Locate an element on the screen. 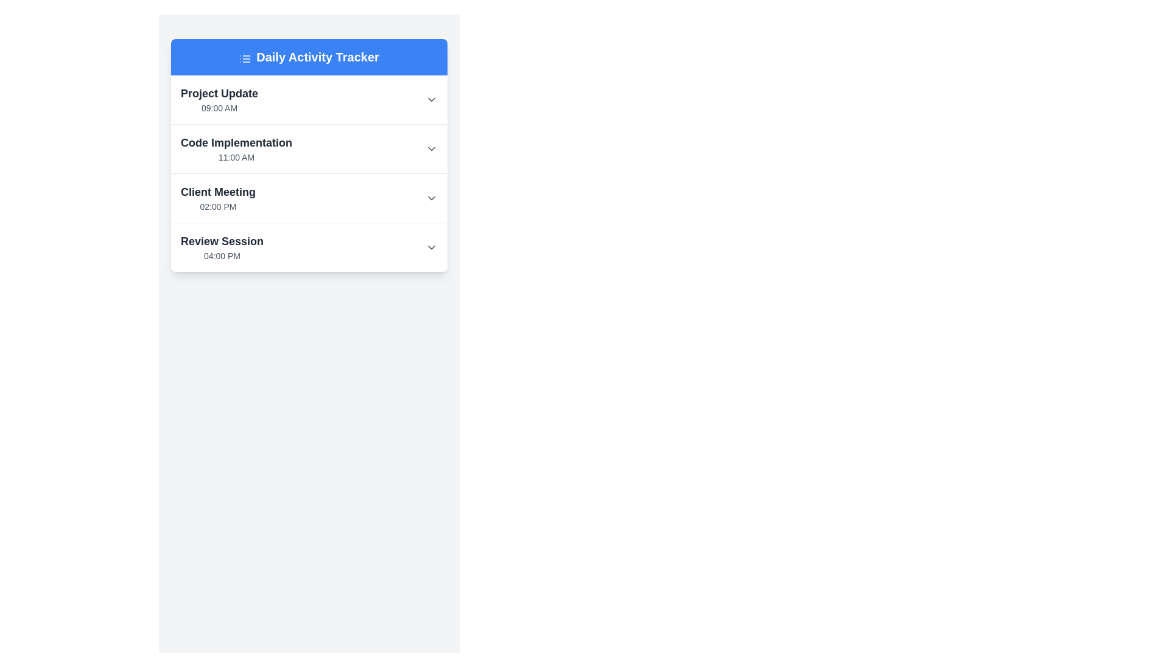 The height and width of the screenshot is (657, 1169). the text label that represents the scheduled time for the 'Project Update' event, located beneath the 'Project Update' text within the first card is located at coordinates (219, 107).